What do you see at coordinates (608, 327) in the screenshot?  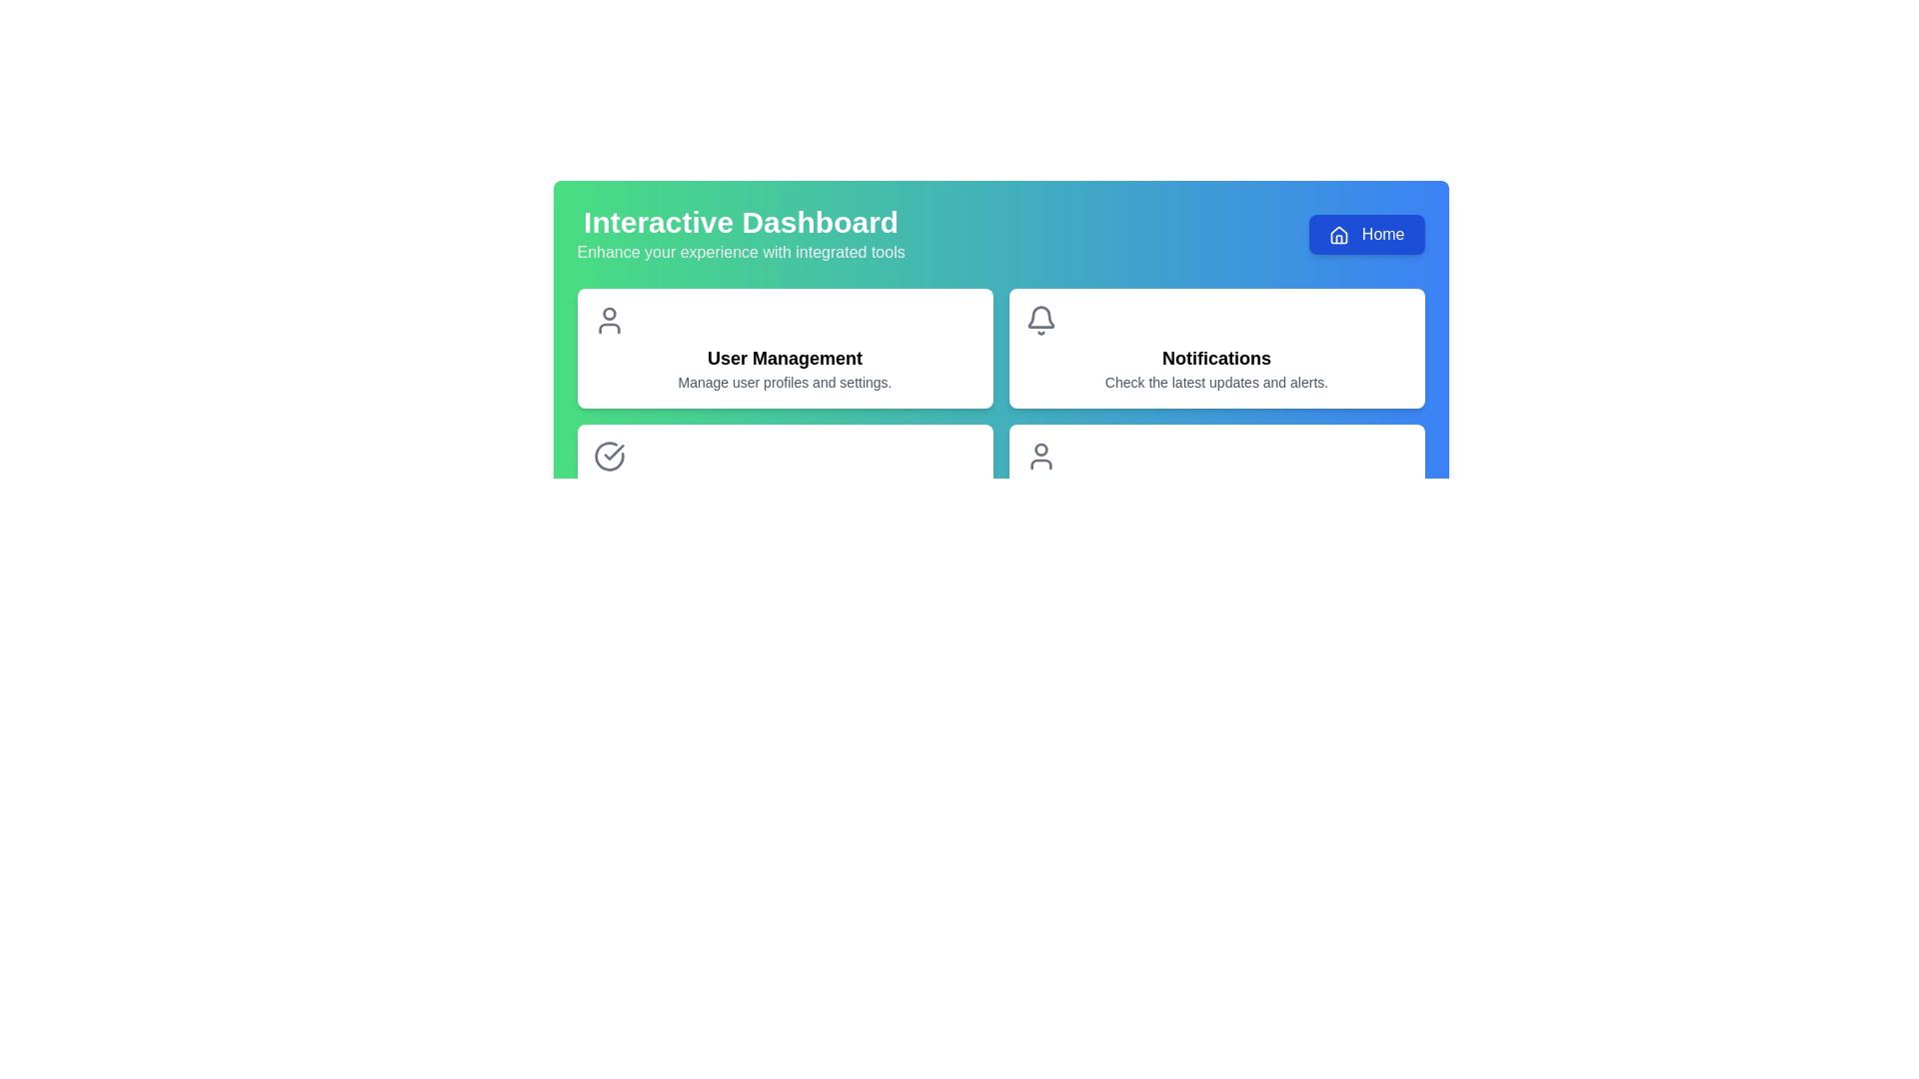 I see `the user avatar icon located in the User Management section of the main dashboard, which is positioned on the top left side of the User Management card` at bounding box center [608, 327].